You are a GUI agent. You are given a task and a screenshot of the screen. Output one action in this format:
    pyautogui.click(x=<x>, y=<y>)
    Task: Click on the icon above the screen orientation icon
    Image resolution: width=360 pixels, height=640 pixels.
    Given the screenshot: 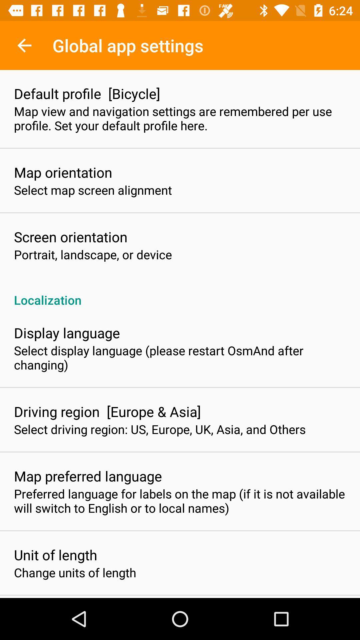 What is the action you would take?
    pyautogui.click(x=93, y=190)
    